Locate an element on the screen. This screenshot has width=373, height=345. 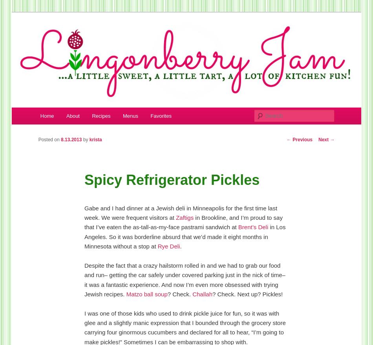
'in Brookline, and I’m proud to say that I’ve eaten the as-tall-as-my-face pastrami sandwich at' is located at coordinates (183, 221).